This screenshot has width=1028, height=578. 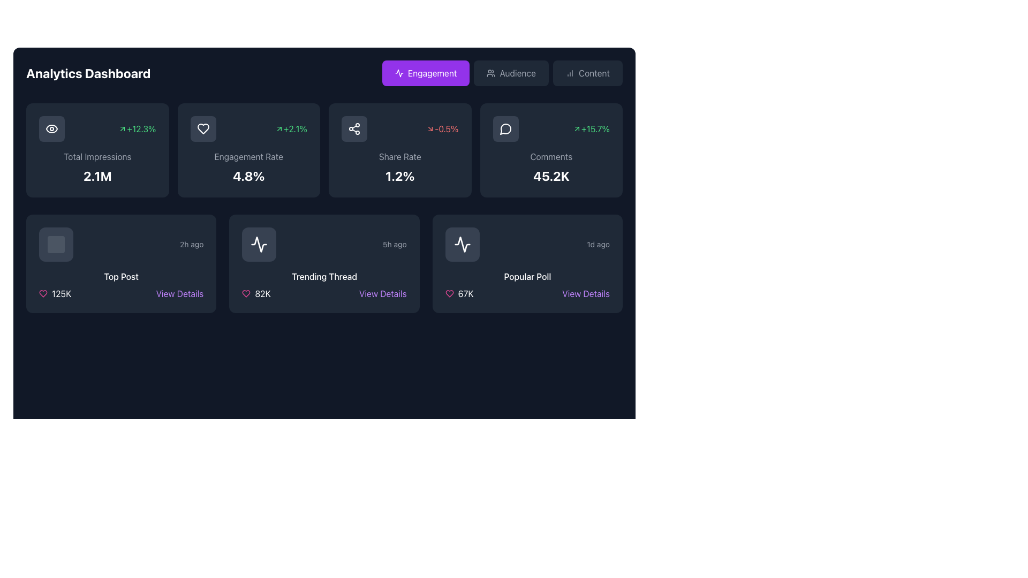 What do you see at coordinates (462, 244) in the screenshot?
I see `the visual state of the Vector icon with a sharp waveform design located in the 'Popular Poll' section under the 'Engagement' tab, rendered in white on a dark-gray background` at bounding box center [462, 244].